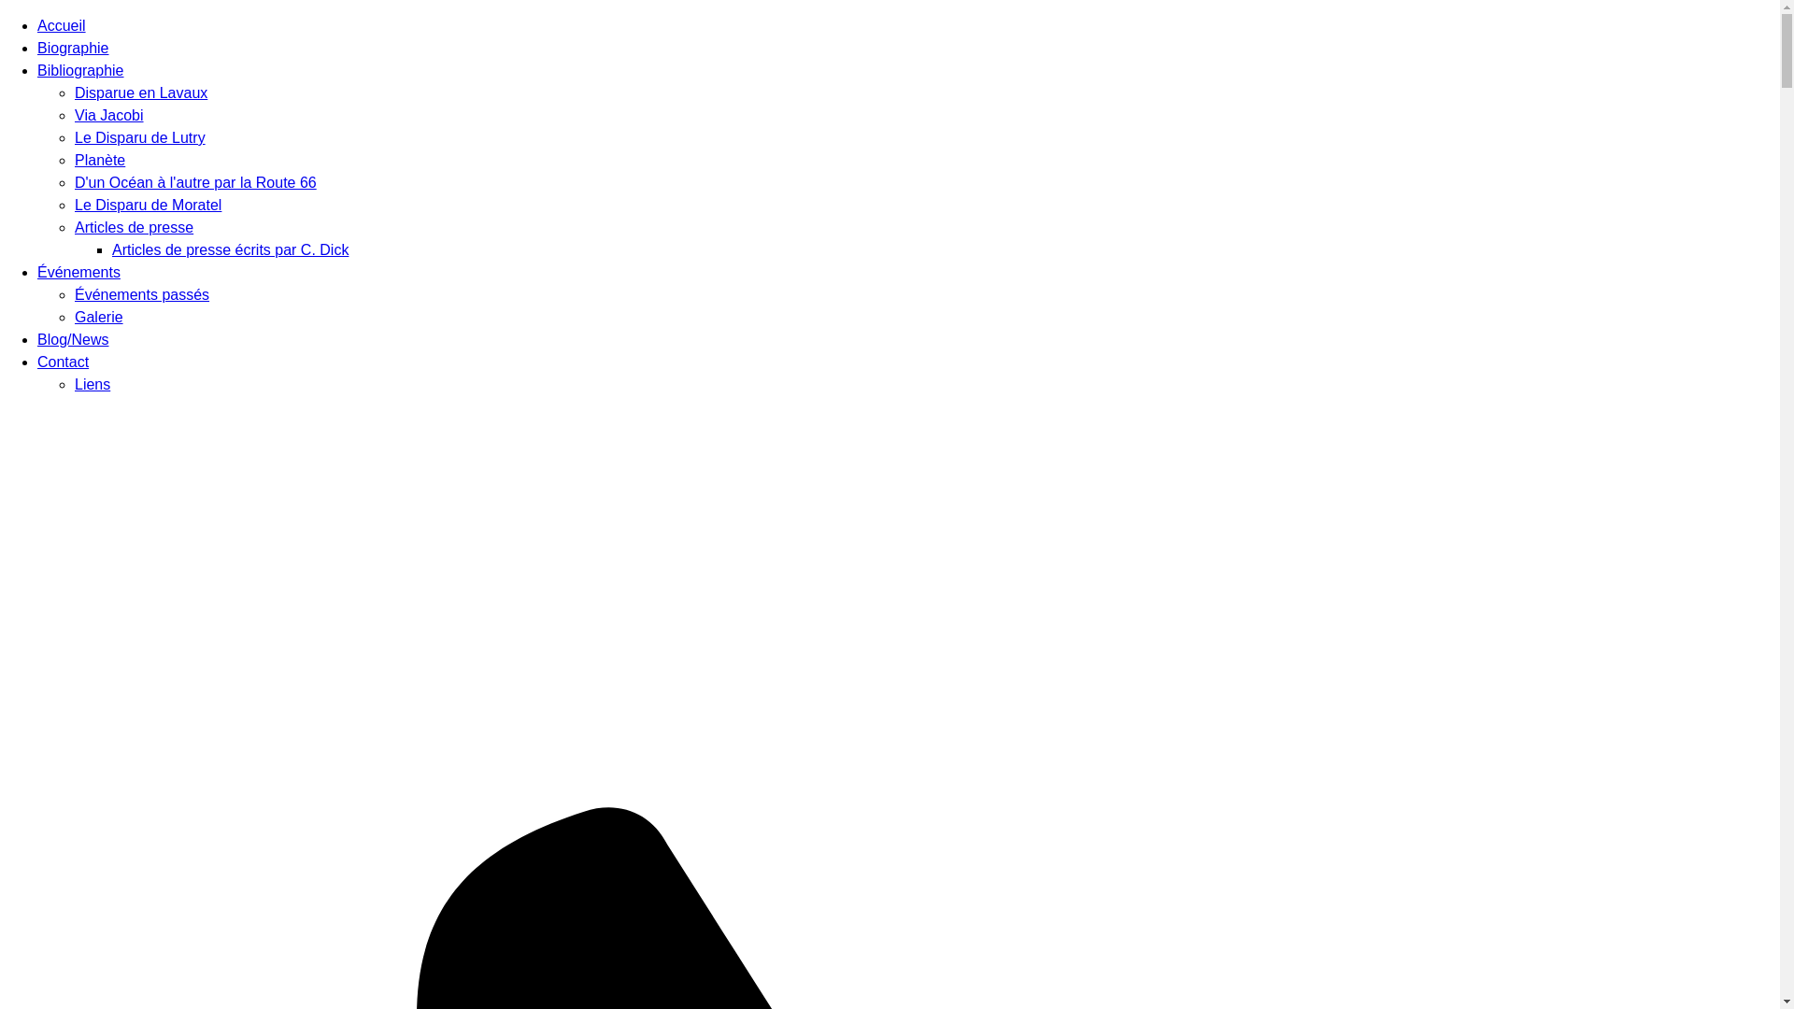  I want to click on 'Via Jacobi', so click(107, 115).